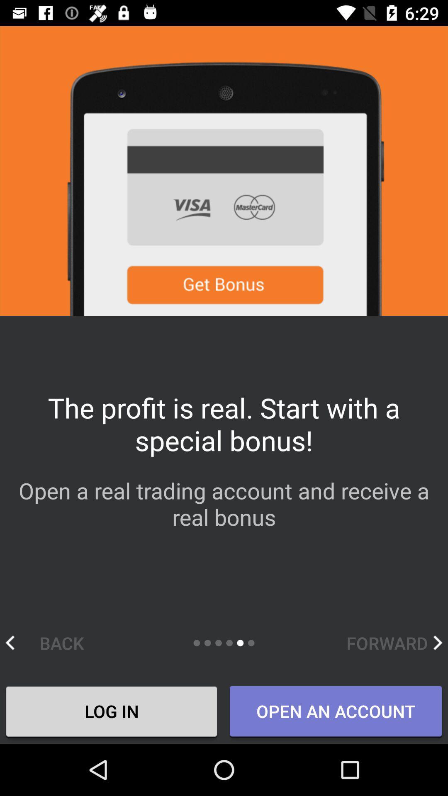 The width and height of the screenshot is (448, 796). What do you see at coordinates (394, 642) in the screenshot?
I see `icon above the open an account icon` at bounding box center [394, 642].